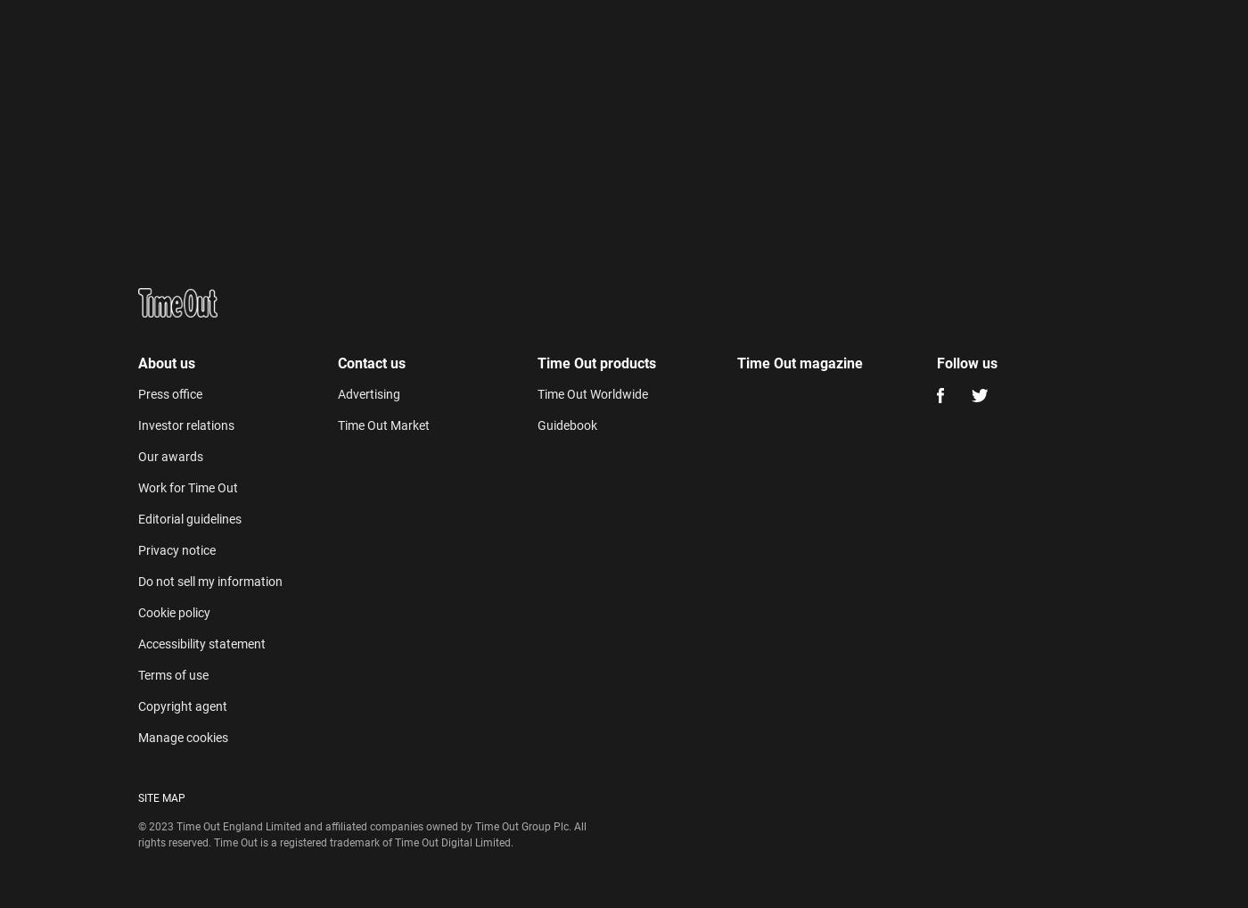 This screenshot has height=908, width=1248. What do you see at coordinates (177, 549) in the screenshot?
I see `'Privacy notice'` at bounding box center [177, 549].